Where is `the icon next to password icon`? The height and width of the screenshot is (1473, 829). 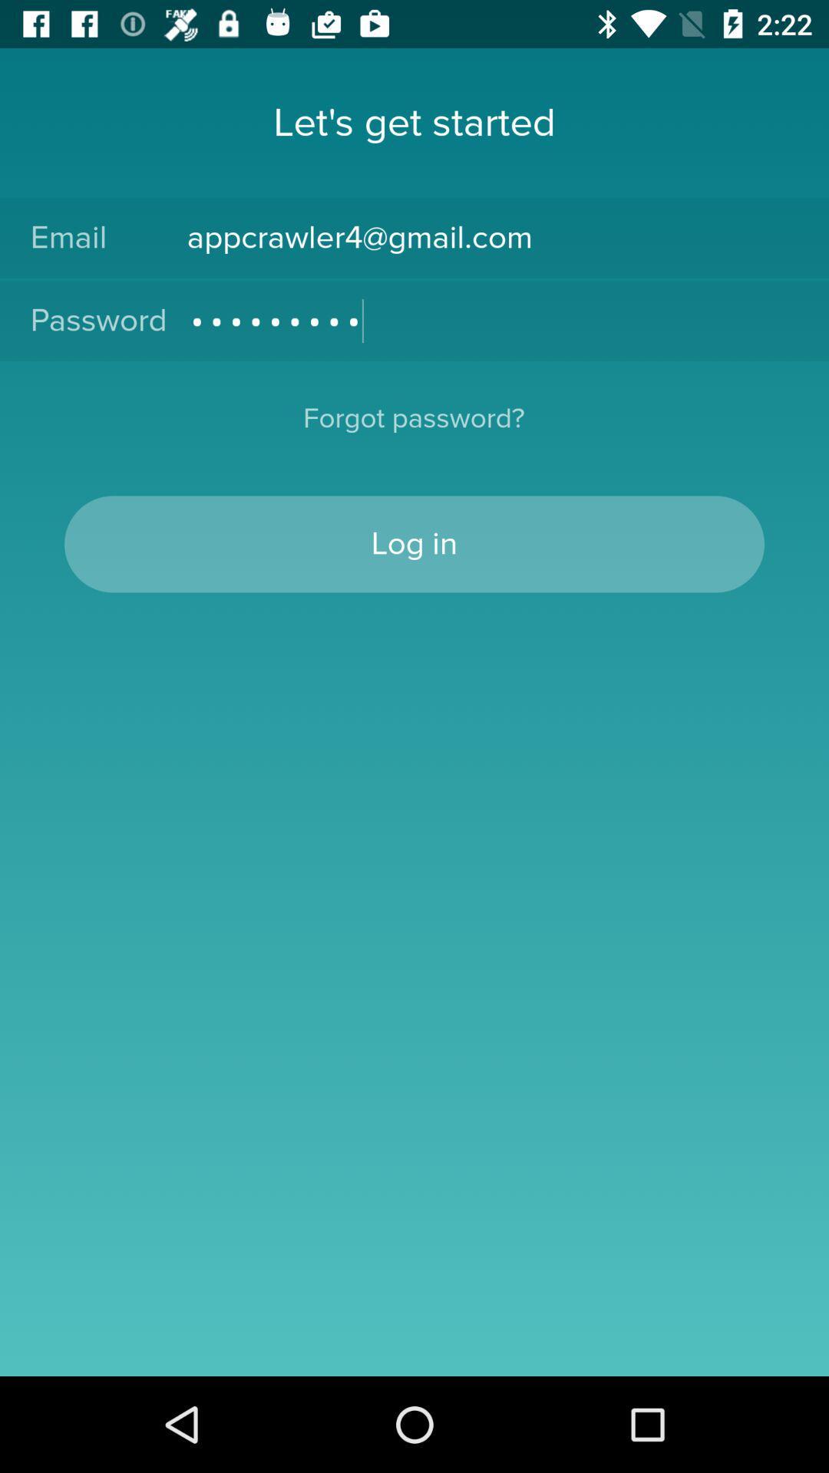 the icon next to password icon is located at coordinates (492, 320).